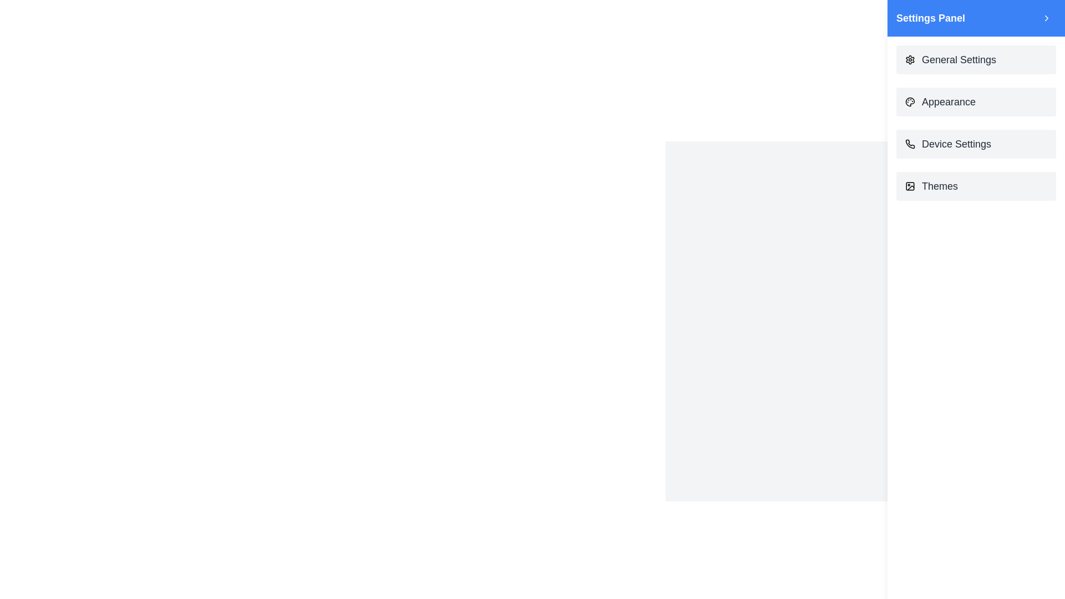  What do you see at coordinates (910, 60) in the screenshot?
I see `the settings icon located in the top-right corner of the settings panel, which represents general settings and is adjacent to the text 'General Settings'` at bounding box center [910, 60].